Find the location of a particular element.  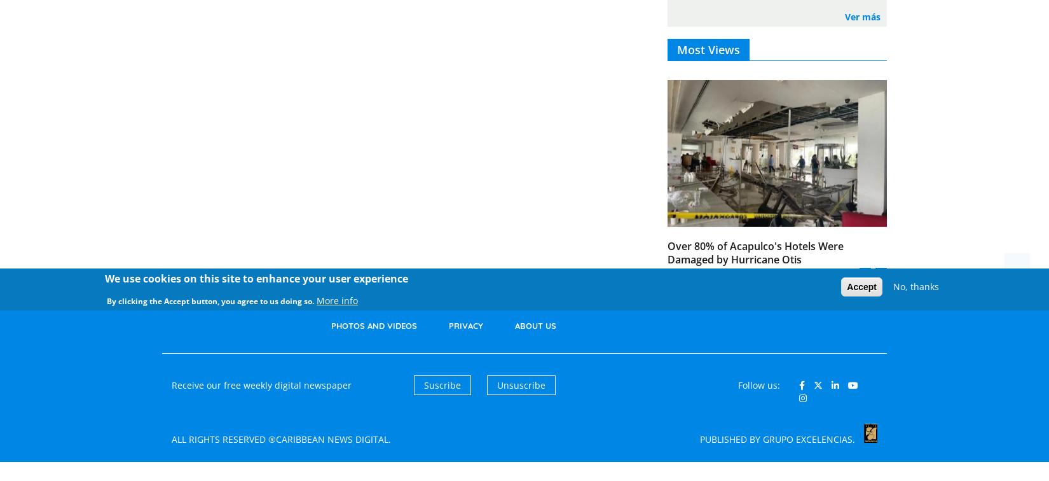

'Suscribe' is located at coordinates (441, 384).